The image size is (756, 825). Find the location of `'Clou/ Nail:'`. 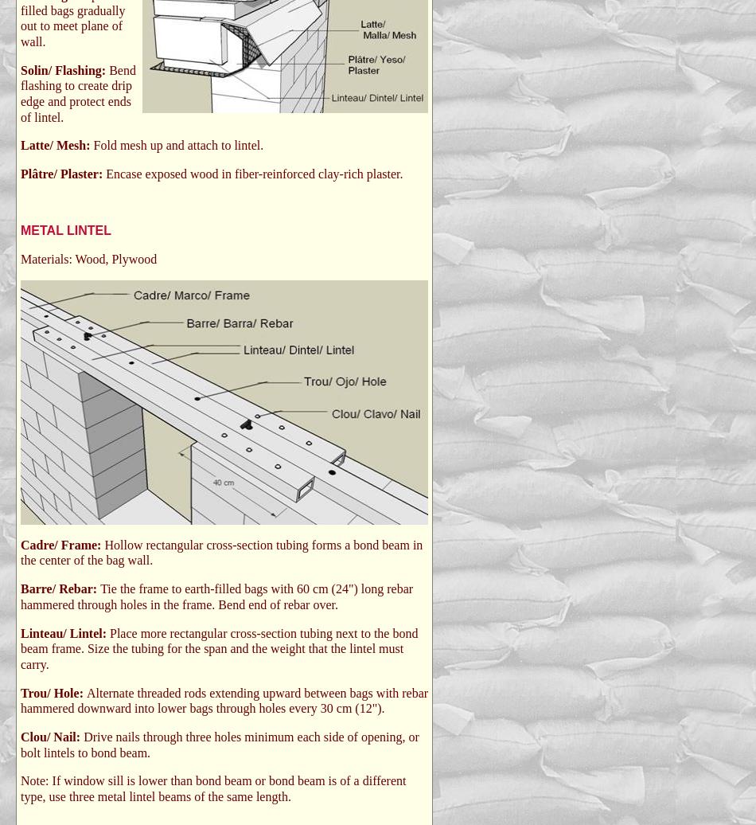

'Clou/ Nail:' is located at coordinates (21, 736).